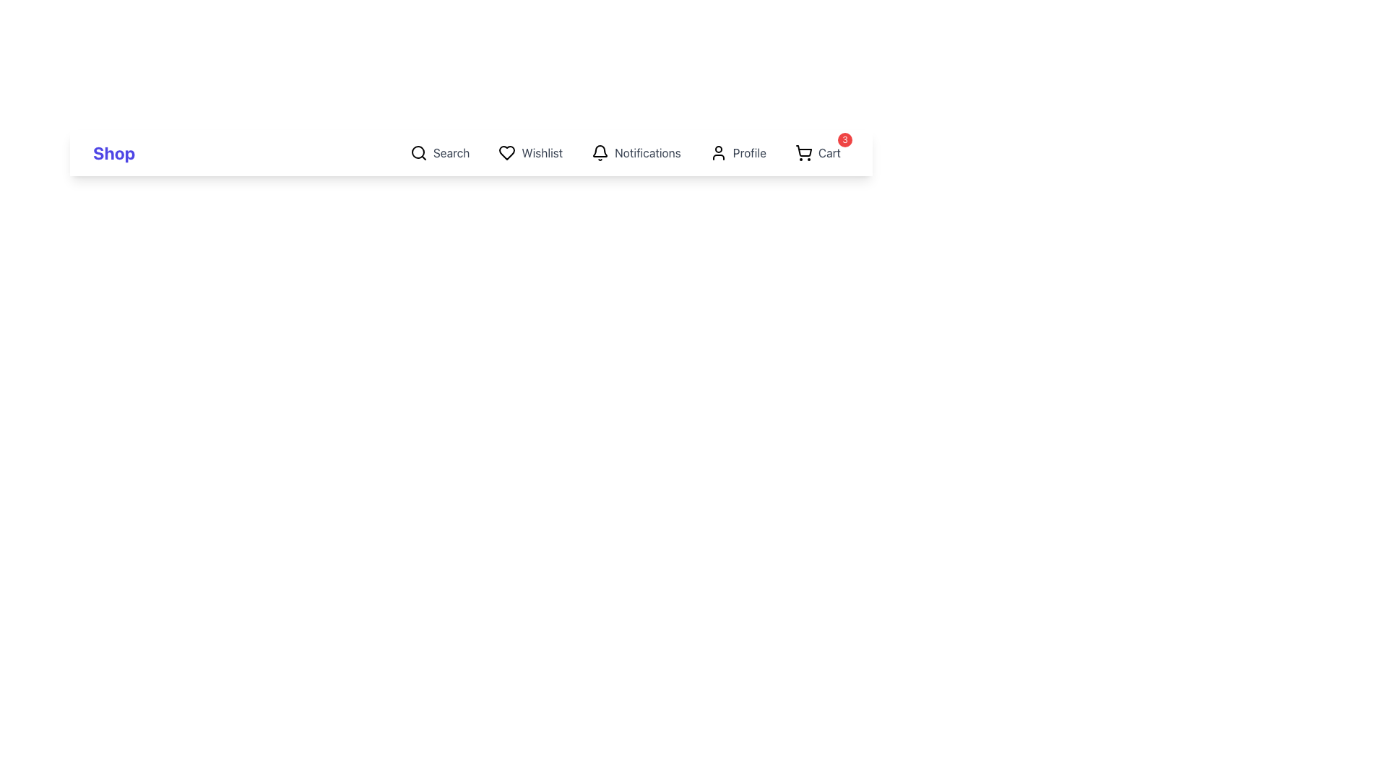  Describe the element at coordinates (530, 153) in the screenshot. I see `the navigation button located in the top bar, specifically the second button from the left` at that location.